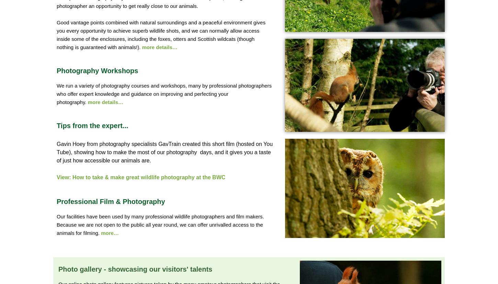  I want to click on 'more…', so click(110, 232).